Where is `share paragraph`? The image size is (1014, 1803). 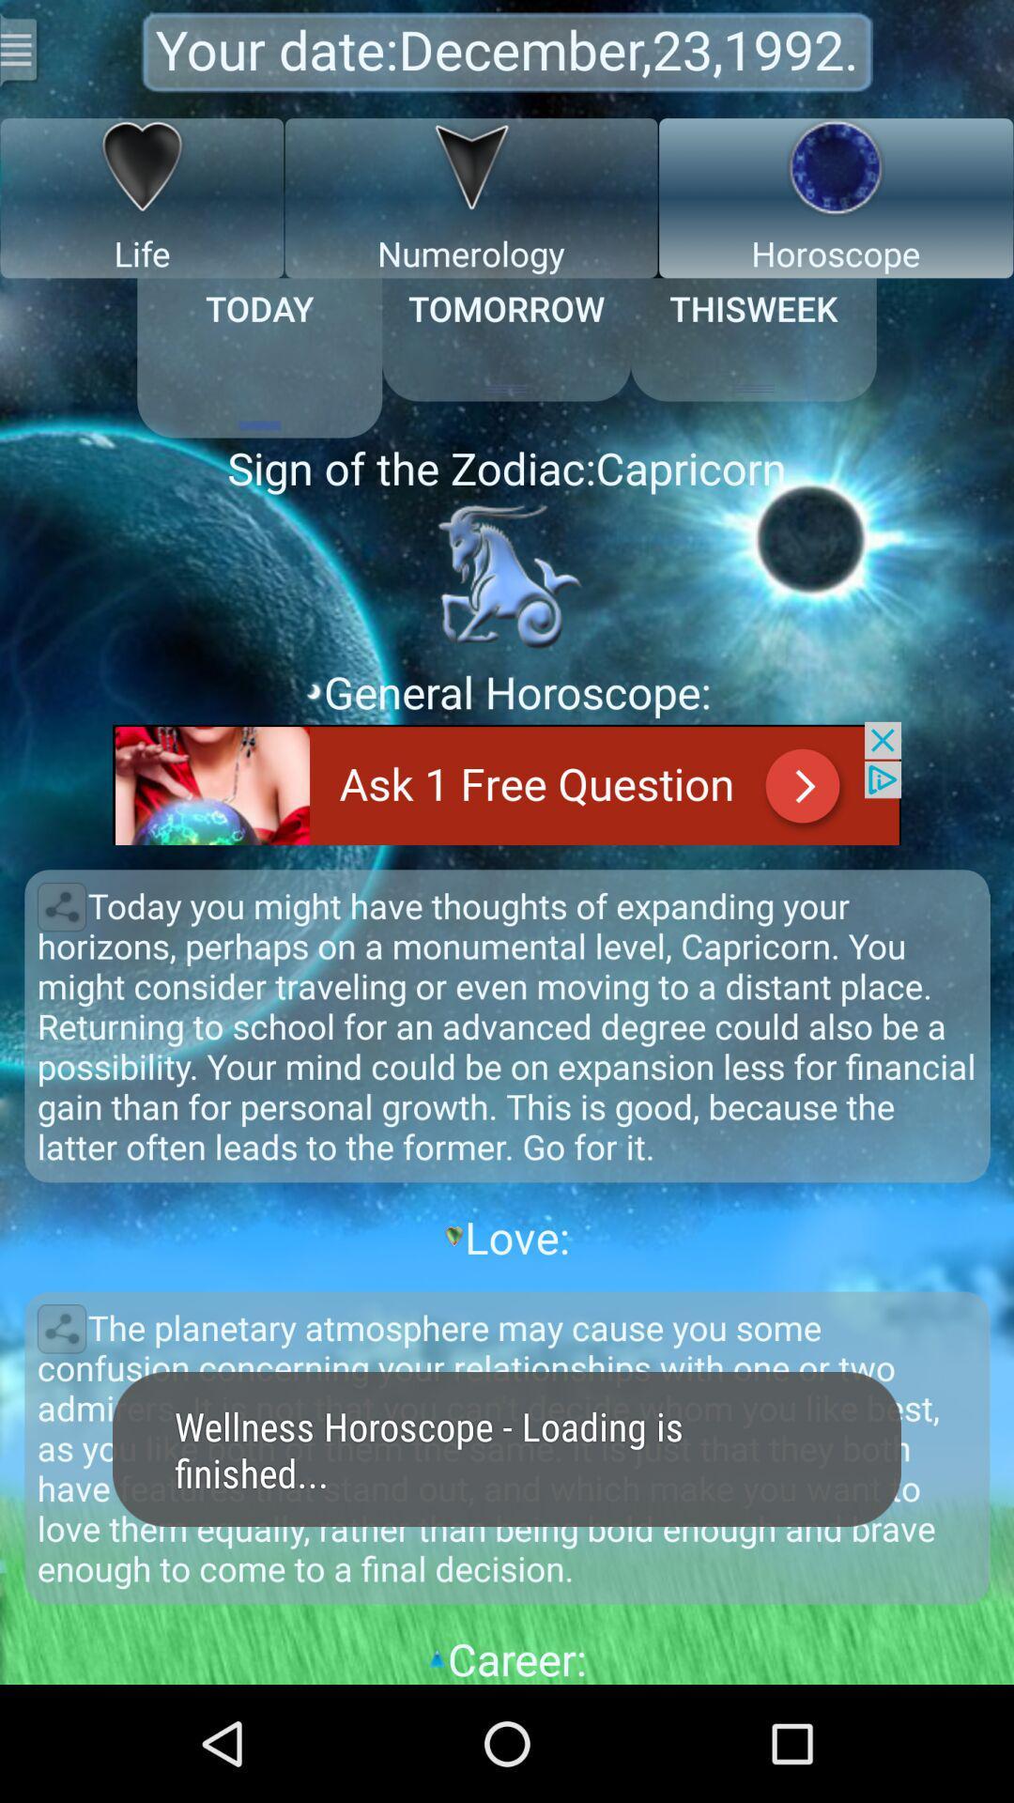
share paragraph is located at coordinates (60, 1328).